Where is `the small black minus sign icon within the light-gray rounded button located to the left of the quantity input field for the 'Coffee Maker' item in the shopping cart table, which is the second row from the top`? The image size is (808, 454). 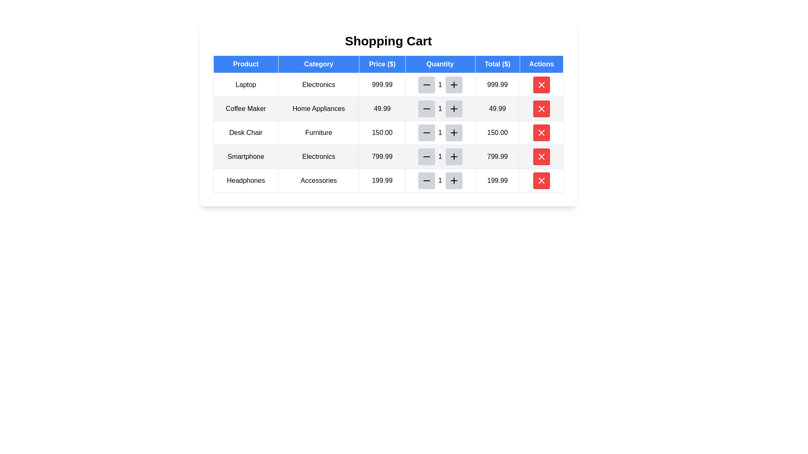
the small black minus sign icon within the light-gray rounded button located to the left of the quantity input field for the 'Coffee Maker' item in the shopping cart table, which is the second row from the top is located at coordinates (426, 108).